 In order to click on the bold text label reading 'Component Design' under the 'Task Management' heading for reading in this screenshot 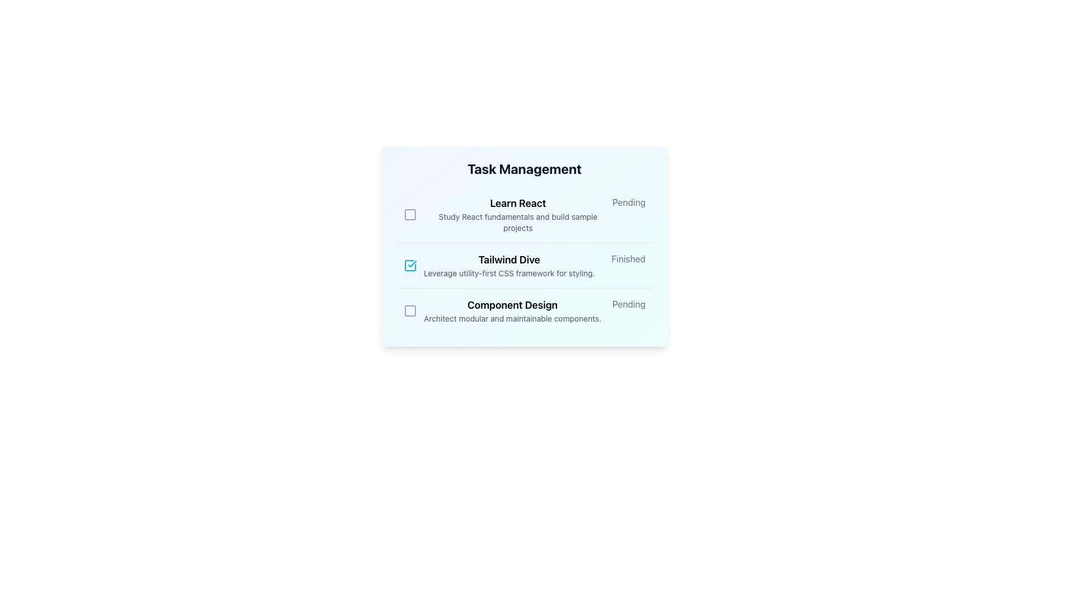, I will do `click(512, 305)`.